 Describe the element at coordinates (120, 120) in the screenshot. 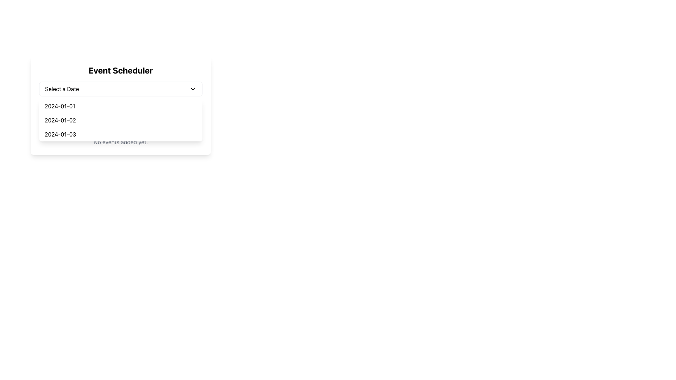

I see `to select the date from the interactive list item labeled '2024-01-02', which is the second entry in the dropdown menu under 'Event Scheduler'` at that location.